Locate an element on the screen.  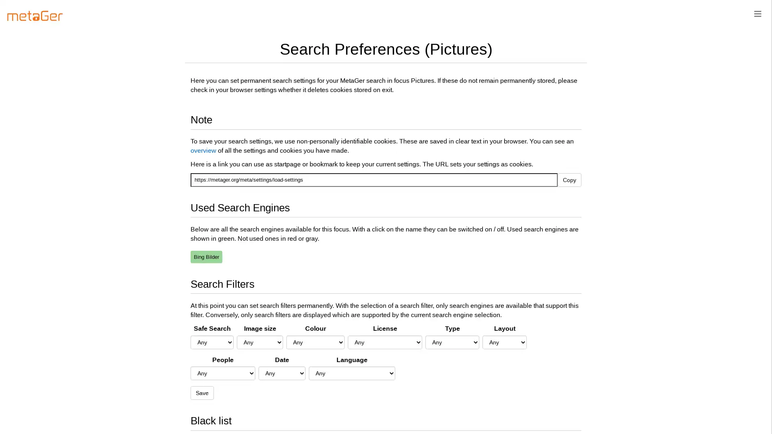
Copy is located at coordinates (569, 179).